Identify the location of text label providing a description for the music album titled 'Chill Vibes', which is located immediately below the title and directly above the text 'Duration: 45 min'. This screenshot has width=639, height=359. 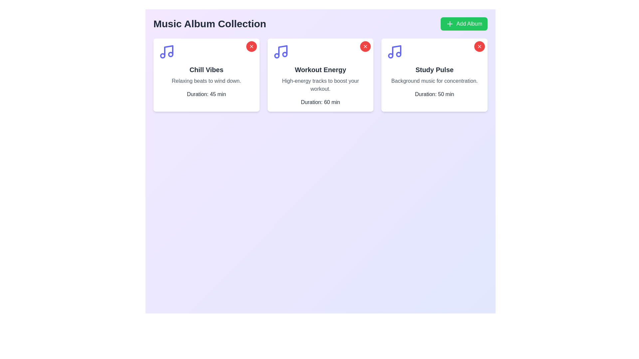
(206, 80).